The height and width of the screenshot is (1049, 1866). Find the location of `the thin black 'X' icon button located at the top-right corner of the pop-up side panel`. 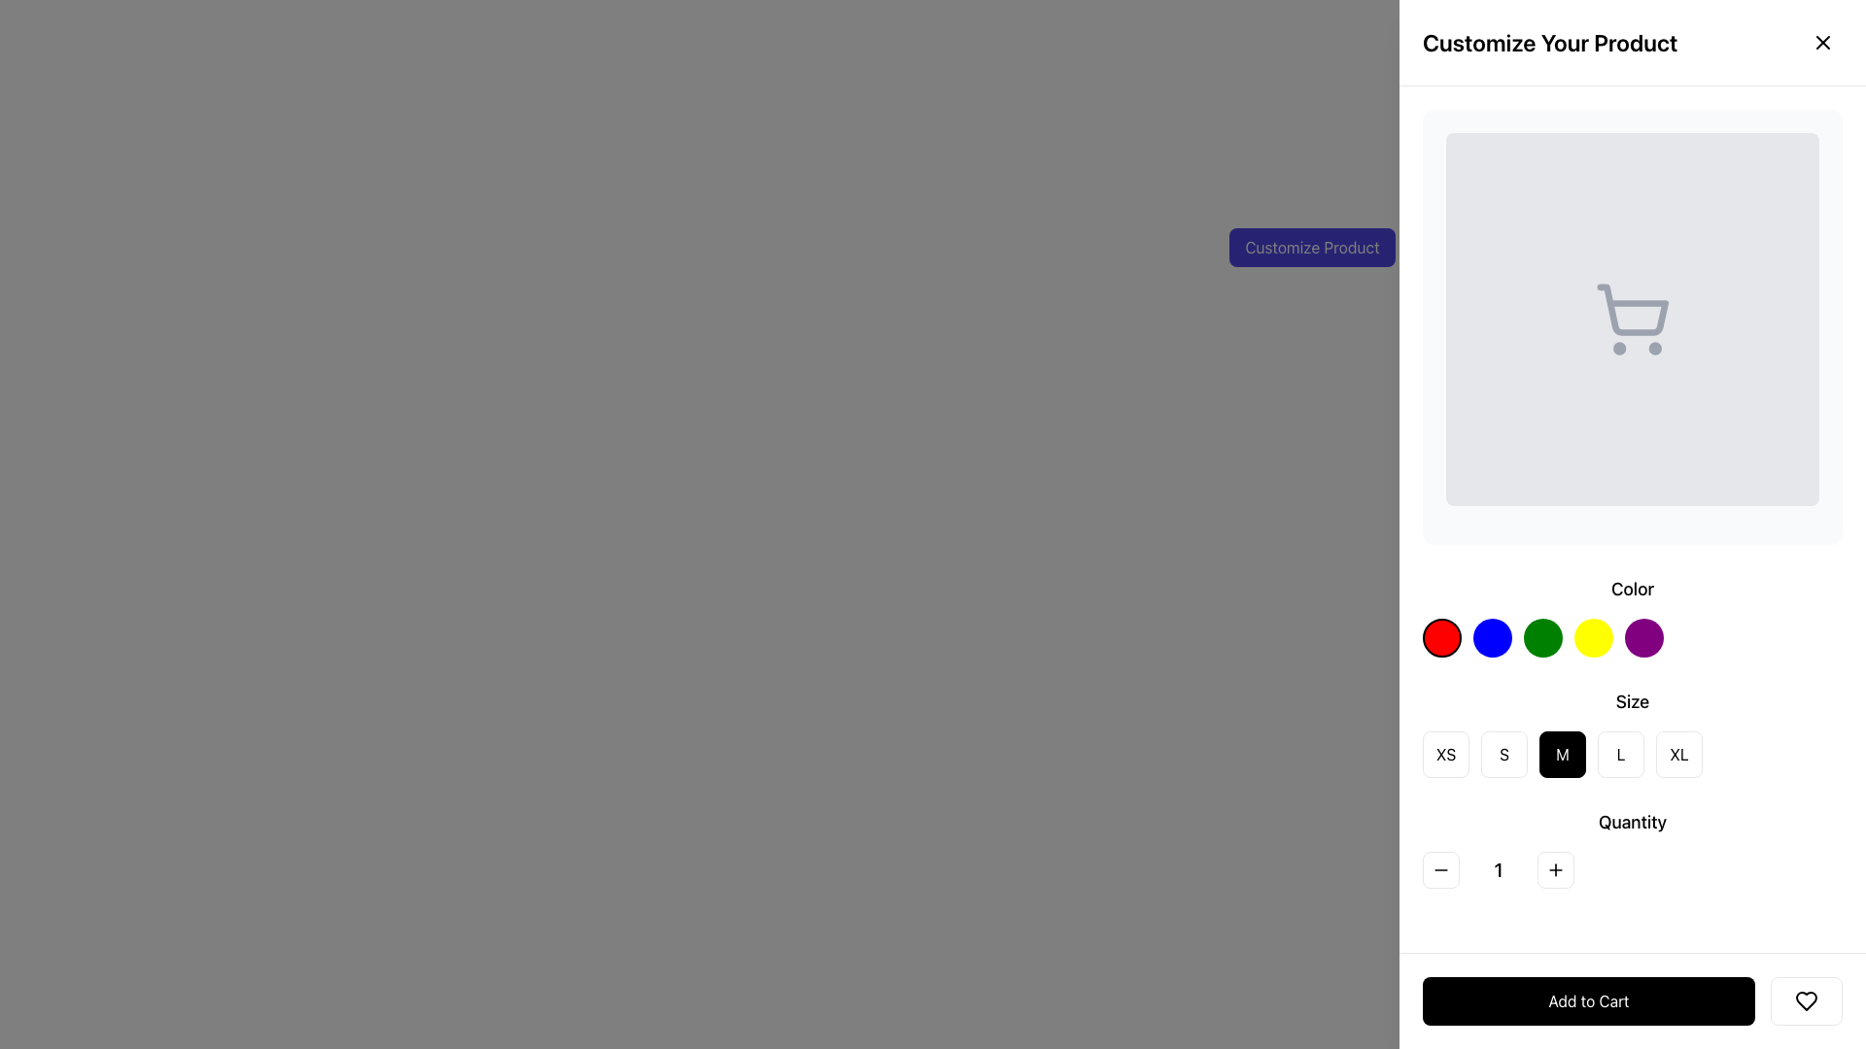

the thin black 'X' icon button located at the top-right corner of the pop-up side panel is located at coordinates (1822, 42).